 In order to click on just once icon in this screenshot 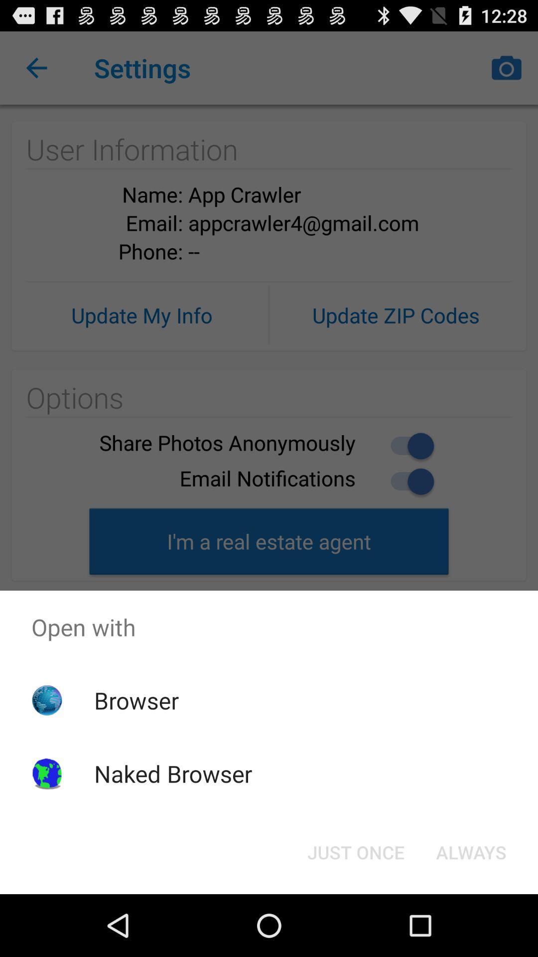, I will do `click(355, 851)`.